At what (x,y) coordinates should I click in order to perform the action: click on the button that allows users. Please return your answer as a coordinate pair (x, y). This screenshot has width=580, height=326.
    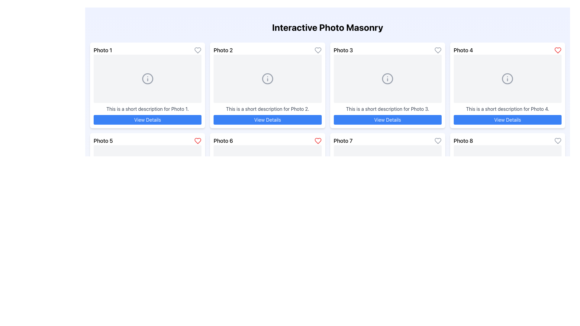
    Looking at the image, I should click on (507, 120).